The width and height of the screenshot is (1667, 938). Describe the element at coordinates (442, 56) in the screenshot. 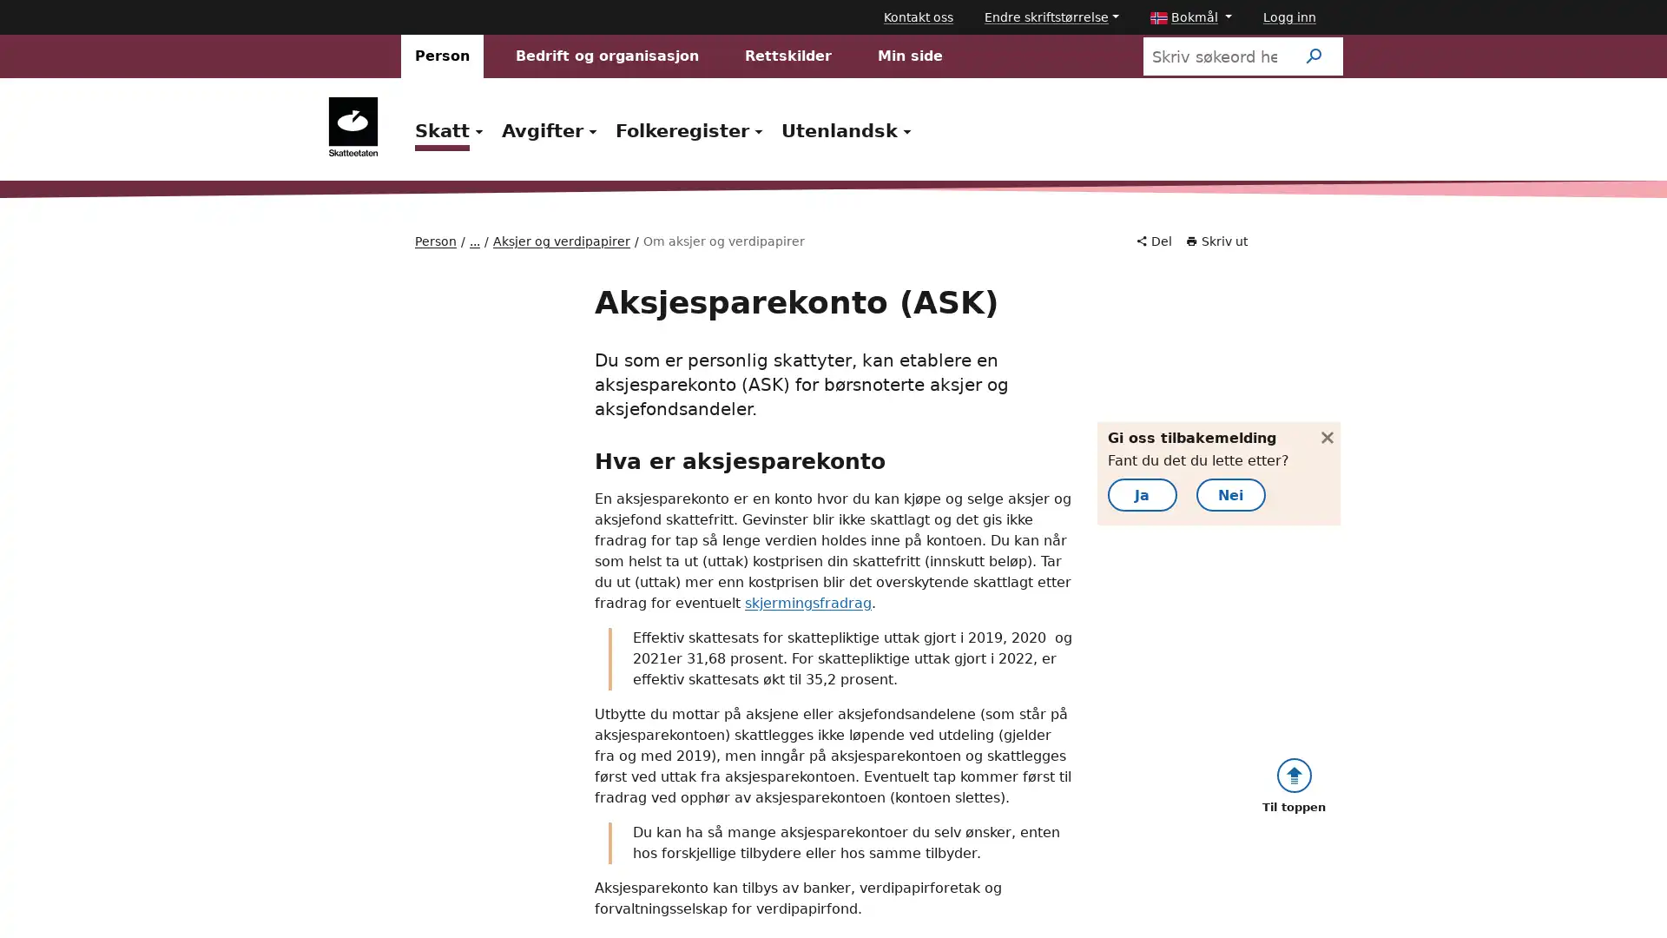

I see `Person` at that location.